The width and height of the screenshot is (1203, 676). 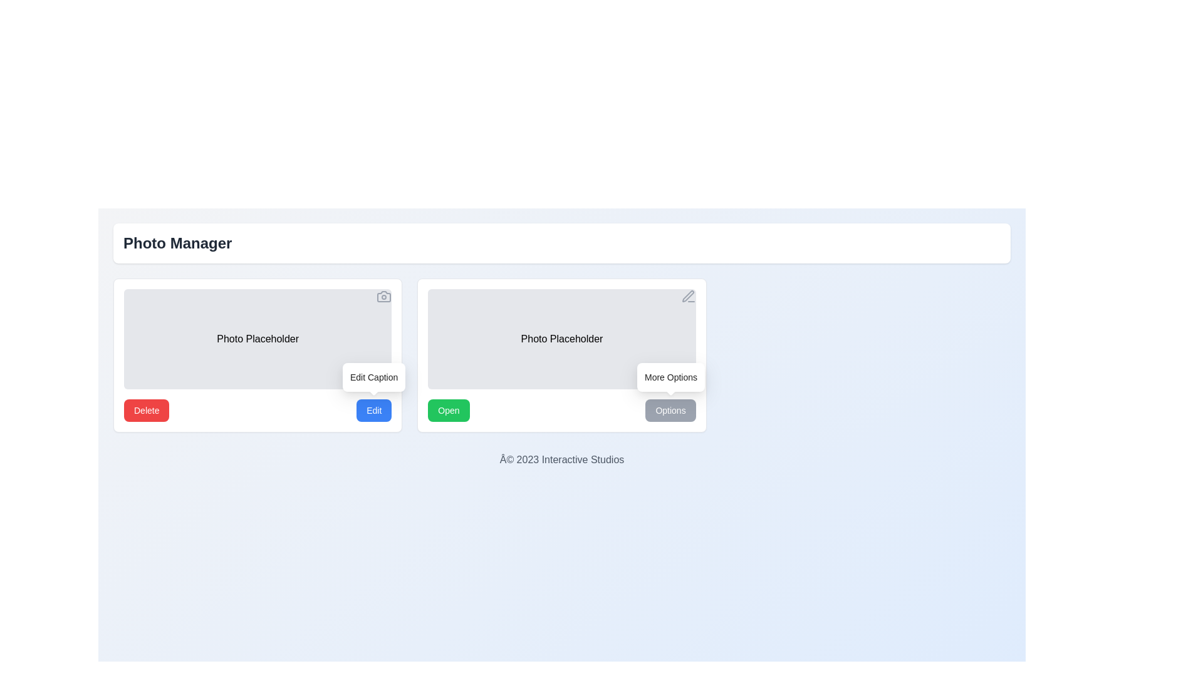 I want to click on the green button labeled 'Open', so click(x=449, y=410).